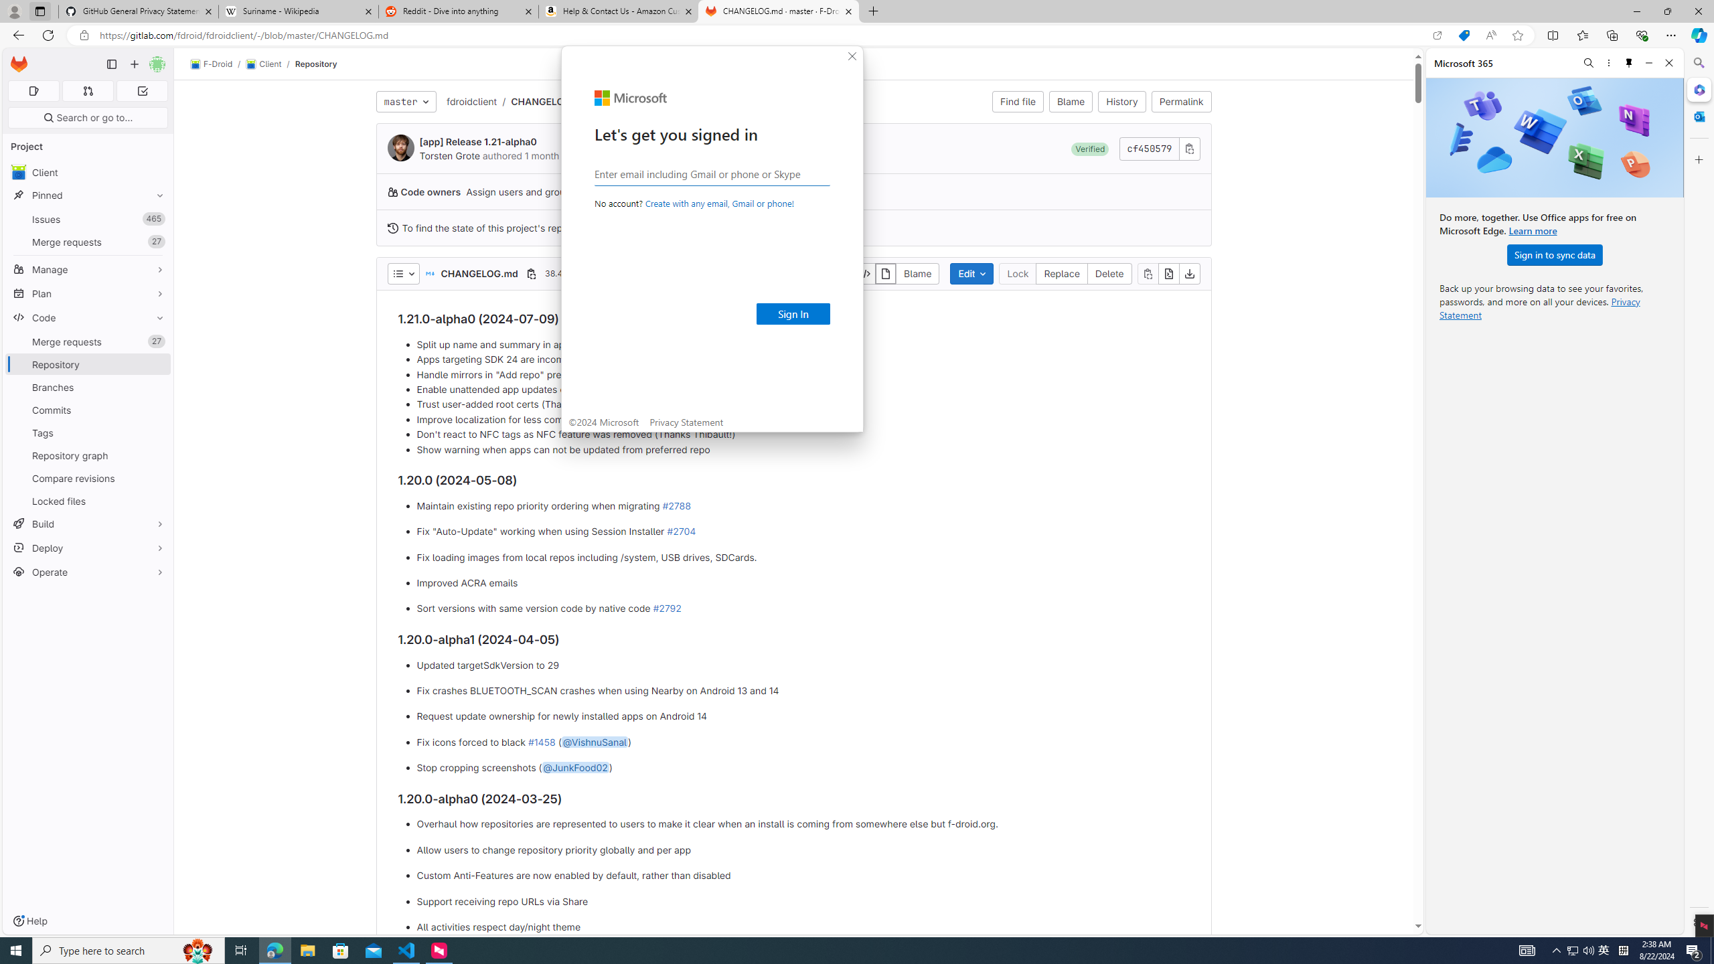  What do you see at coordinates (675, 505) in the screenshot?
I see `'#2788'` at bounding box center [675, 505].